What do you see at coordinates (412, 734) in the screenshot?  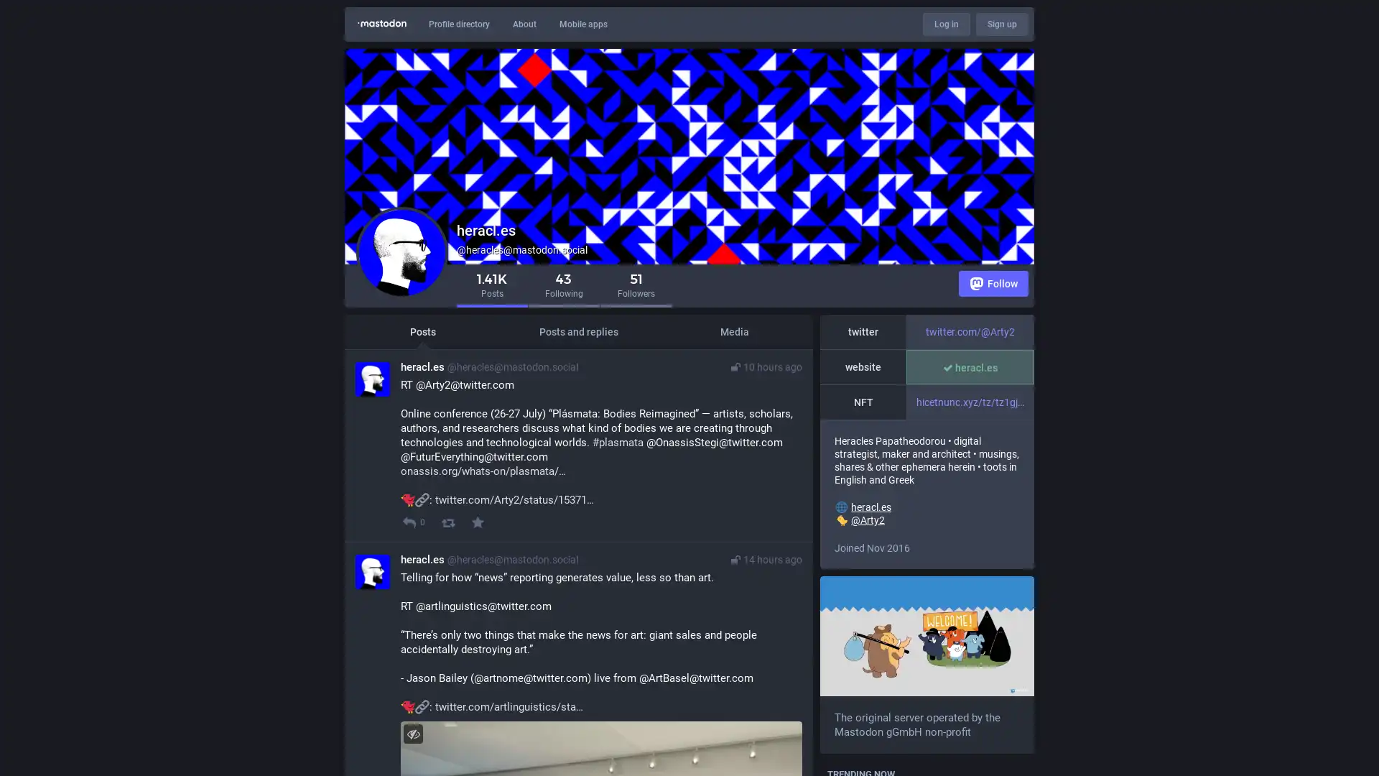 I see `Hide image` at bounding box center [412, 734].